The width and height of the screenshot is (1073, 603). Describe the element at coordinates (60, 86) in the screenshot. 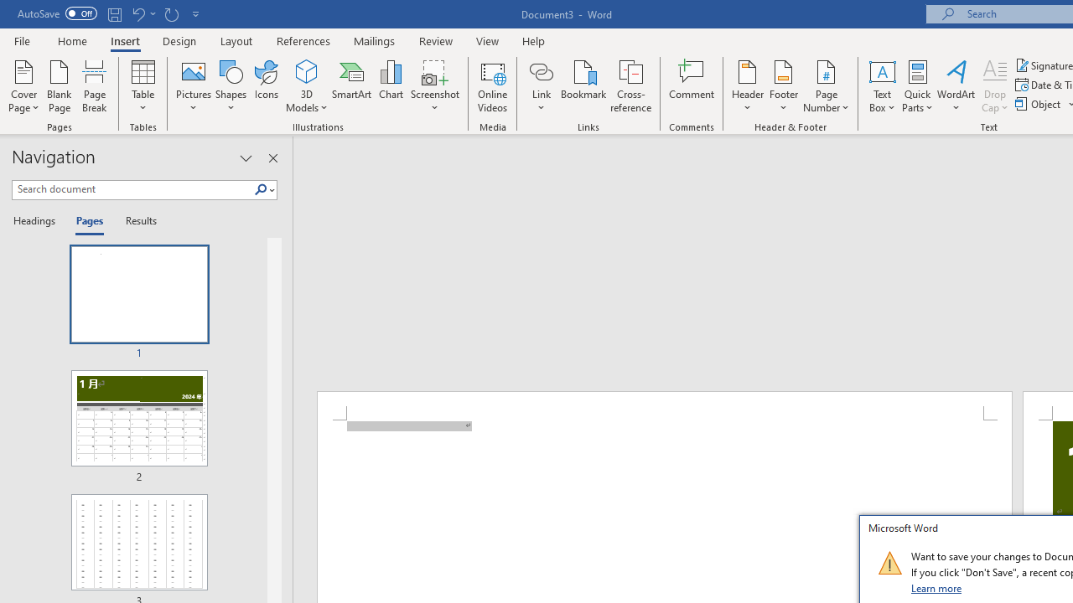

I see `'Blank Page'` at that location.